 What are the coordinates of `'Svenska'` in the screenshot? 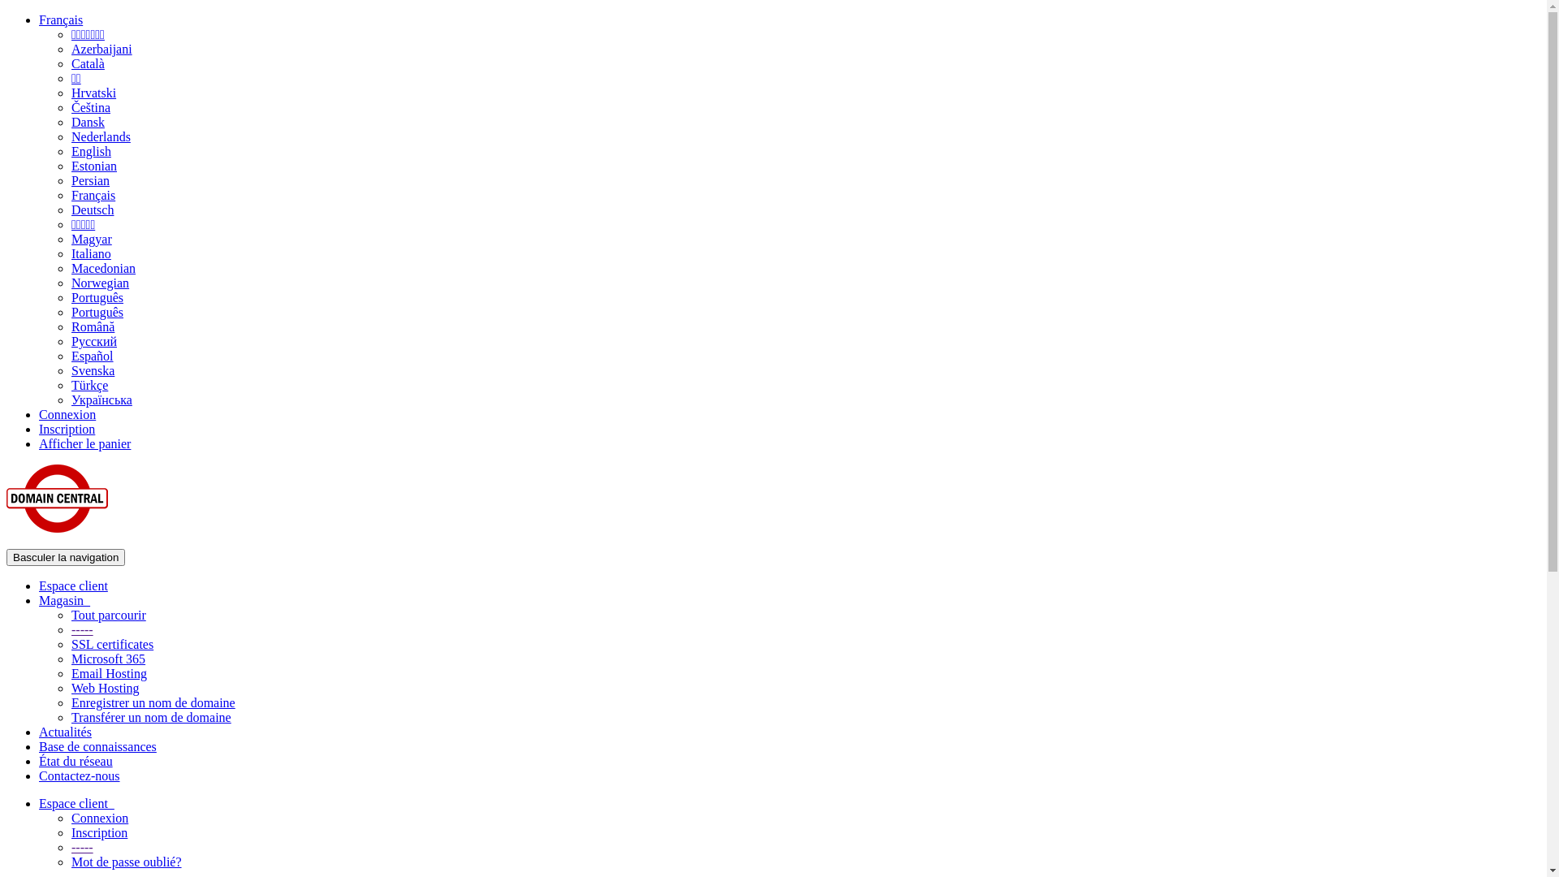 It's located at (70, 370).